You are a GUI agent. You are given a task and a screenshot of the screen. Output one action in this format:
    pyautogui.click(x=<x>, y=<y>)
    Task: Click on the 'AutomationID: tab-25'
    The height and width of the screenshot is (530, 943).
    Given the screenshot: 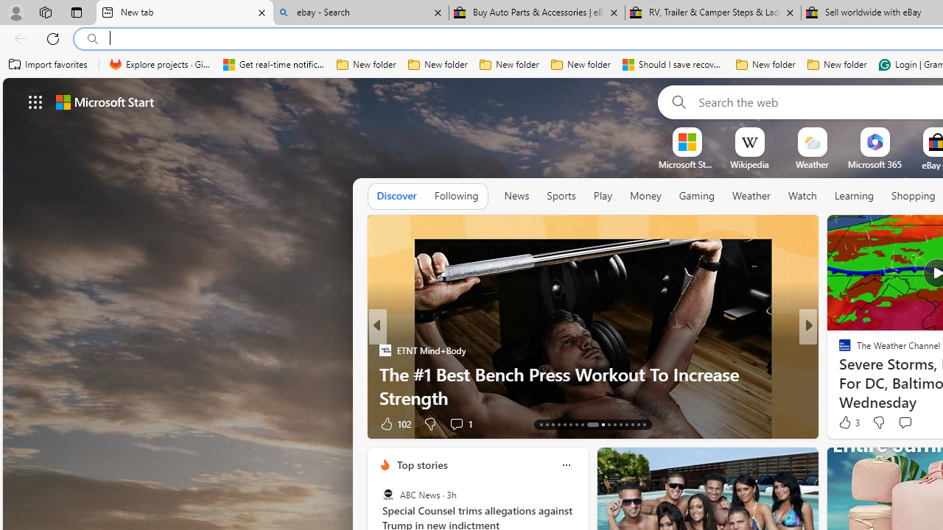 What is the action you would take?
    pyautogui.click(x=620, y=425)
    